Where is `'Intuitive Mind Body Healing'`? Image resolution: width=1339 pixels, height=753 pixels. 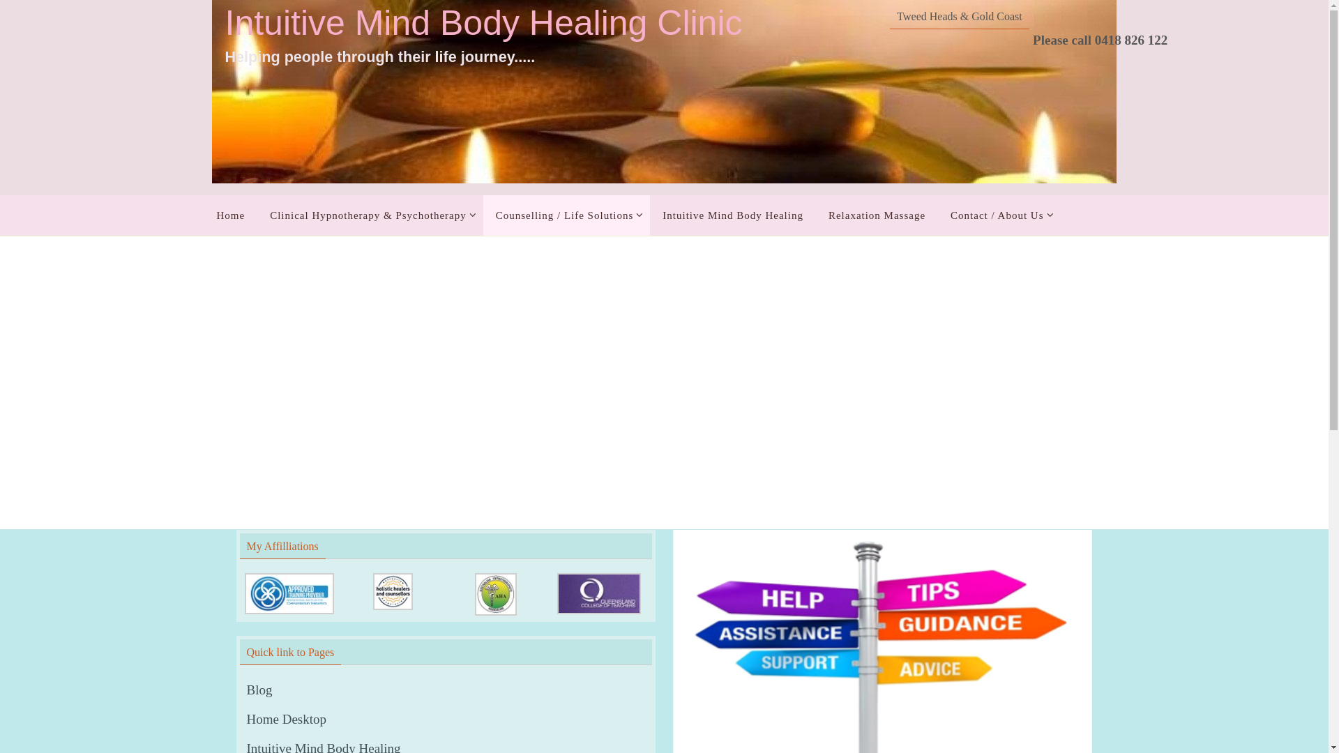 'Intuitive Mind Body Healing' is located at coordinates (732, 215).